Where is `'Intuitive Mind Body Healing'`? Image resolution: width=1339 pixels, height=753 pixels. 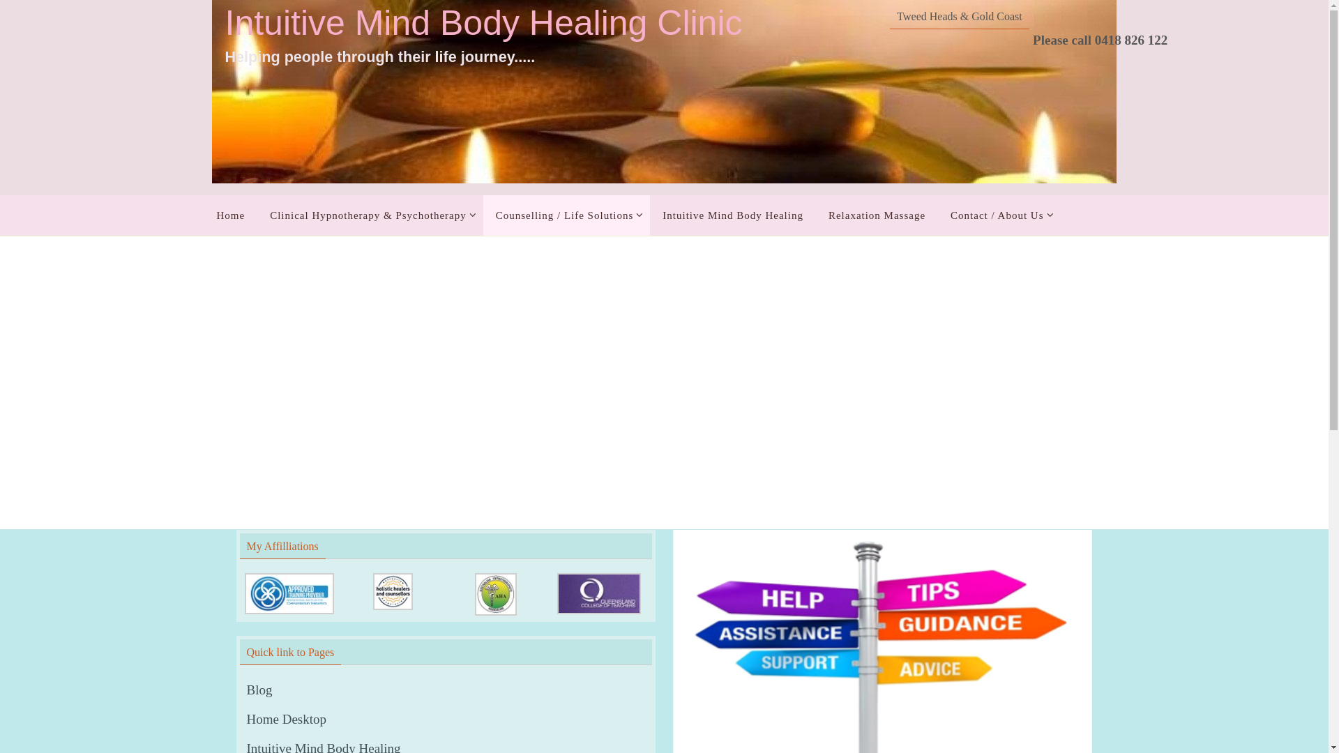 'Intuitive Mind Body Healing' is located at coordinates (732, 215).